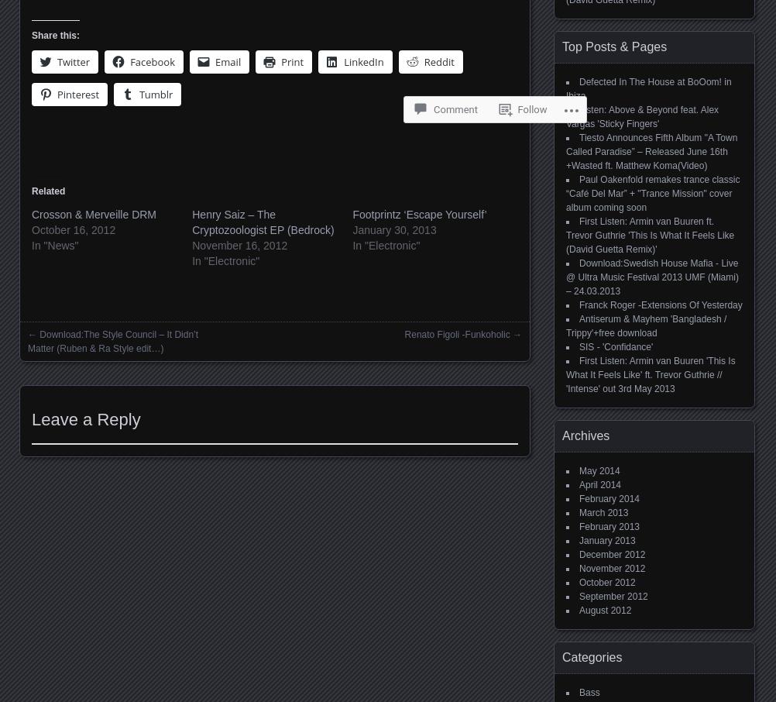 The width and height of the screenshot is (776, 702). Describe the element at coordinates (531, 51) in the screenshot. I see `'Follow'` at that location.